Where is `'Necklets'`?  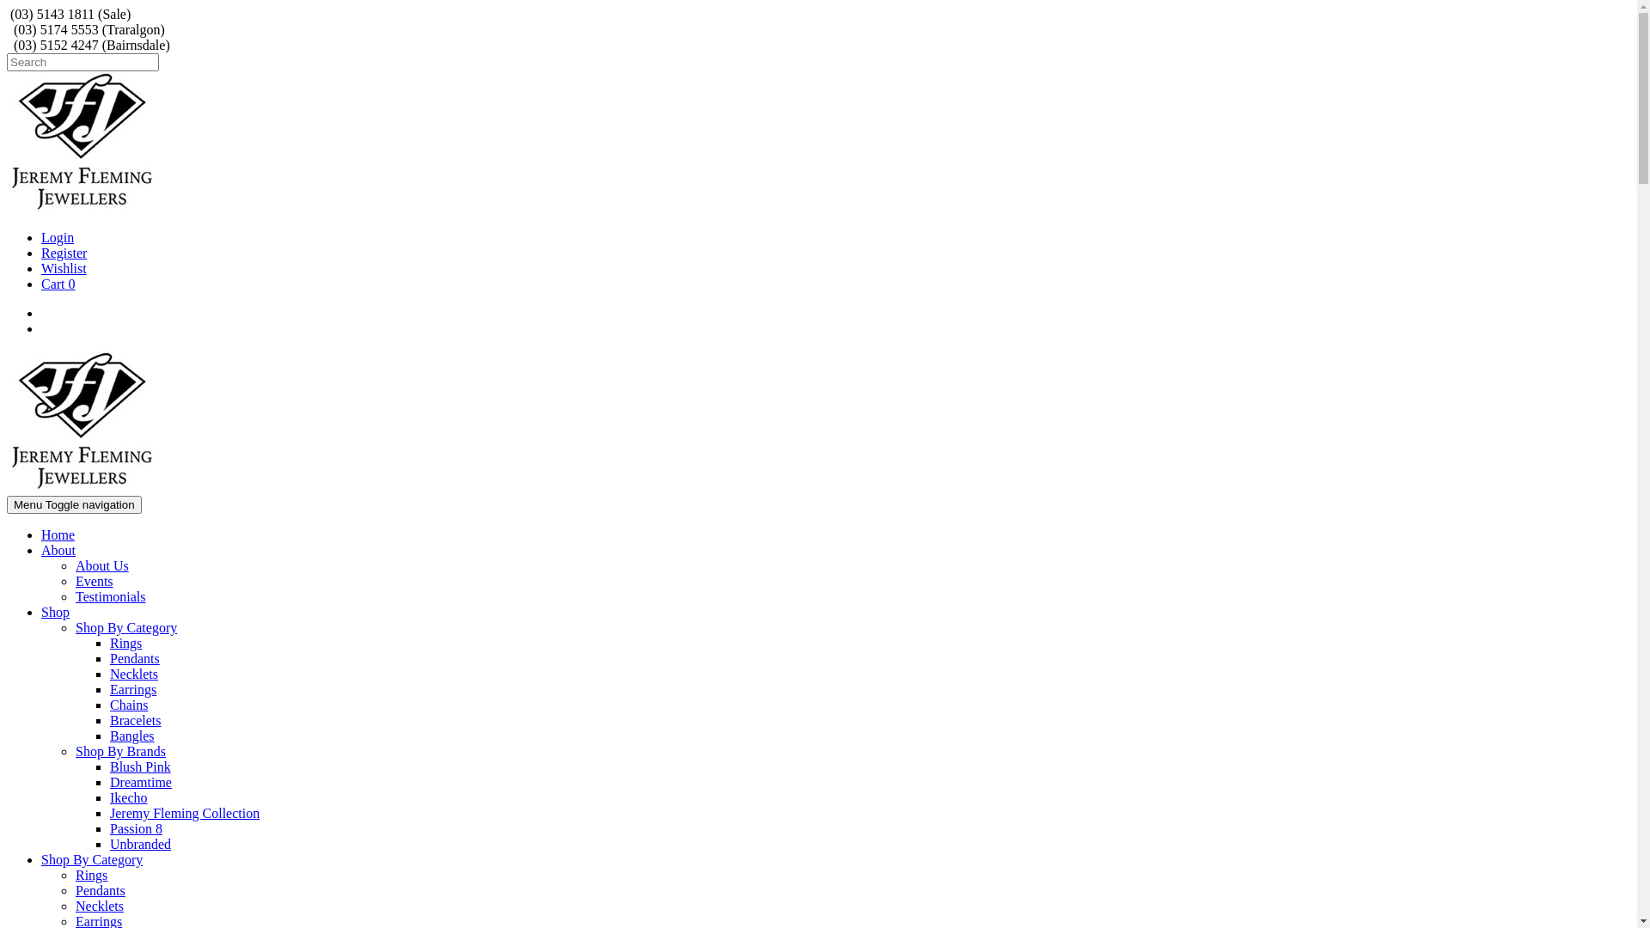
'Necklets' is located at coordinates (109, 673).